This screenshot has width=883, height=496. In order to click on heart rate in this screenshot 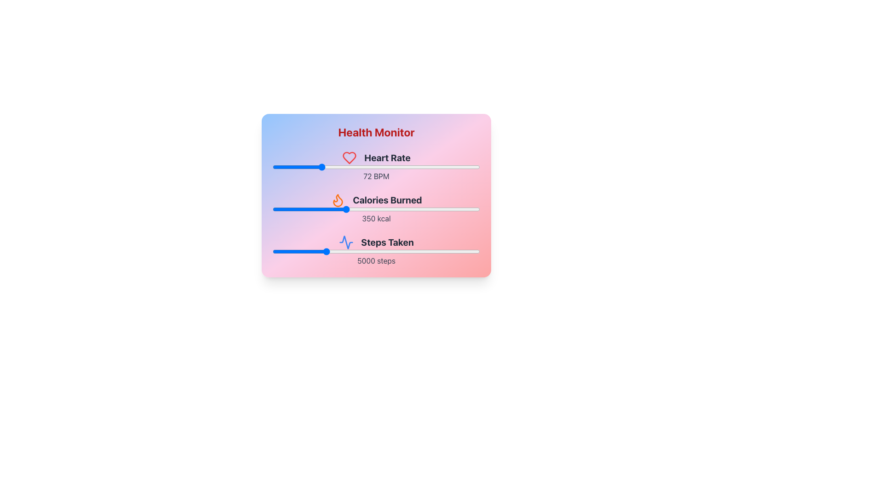, I will do `click(308, 167)`.